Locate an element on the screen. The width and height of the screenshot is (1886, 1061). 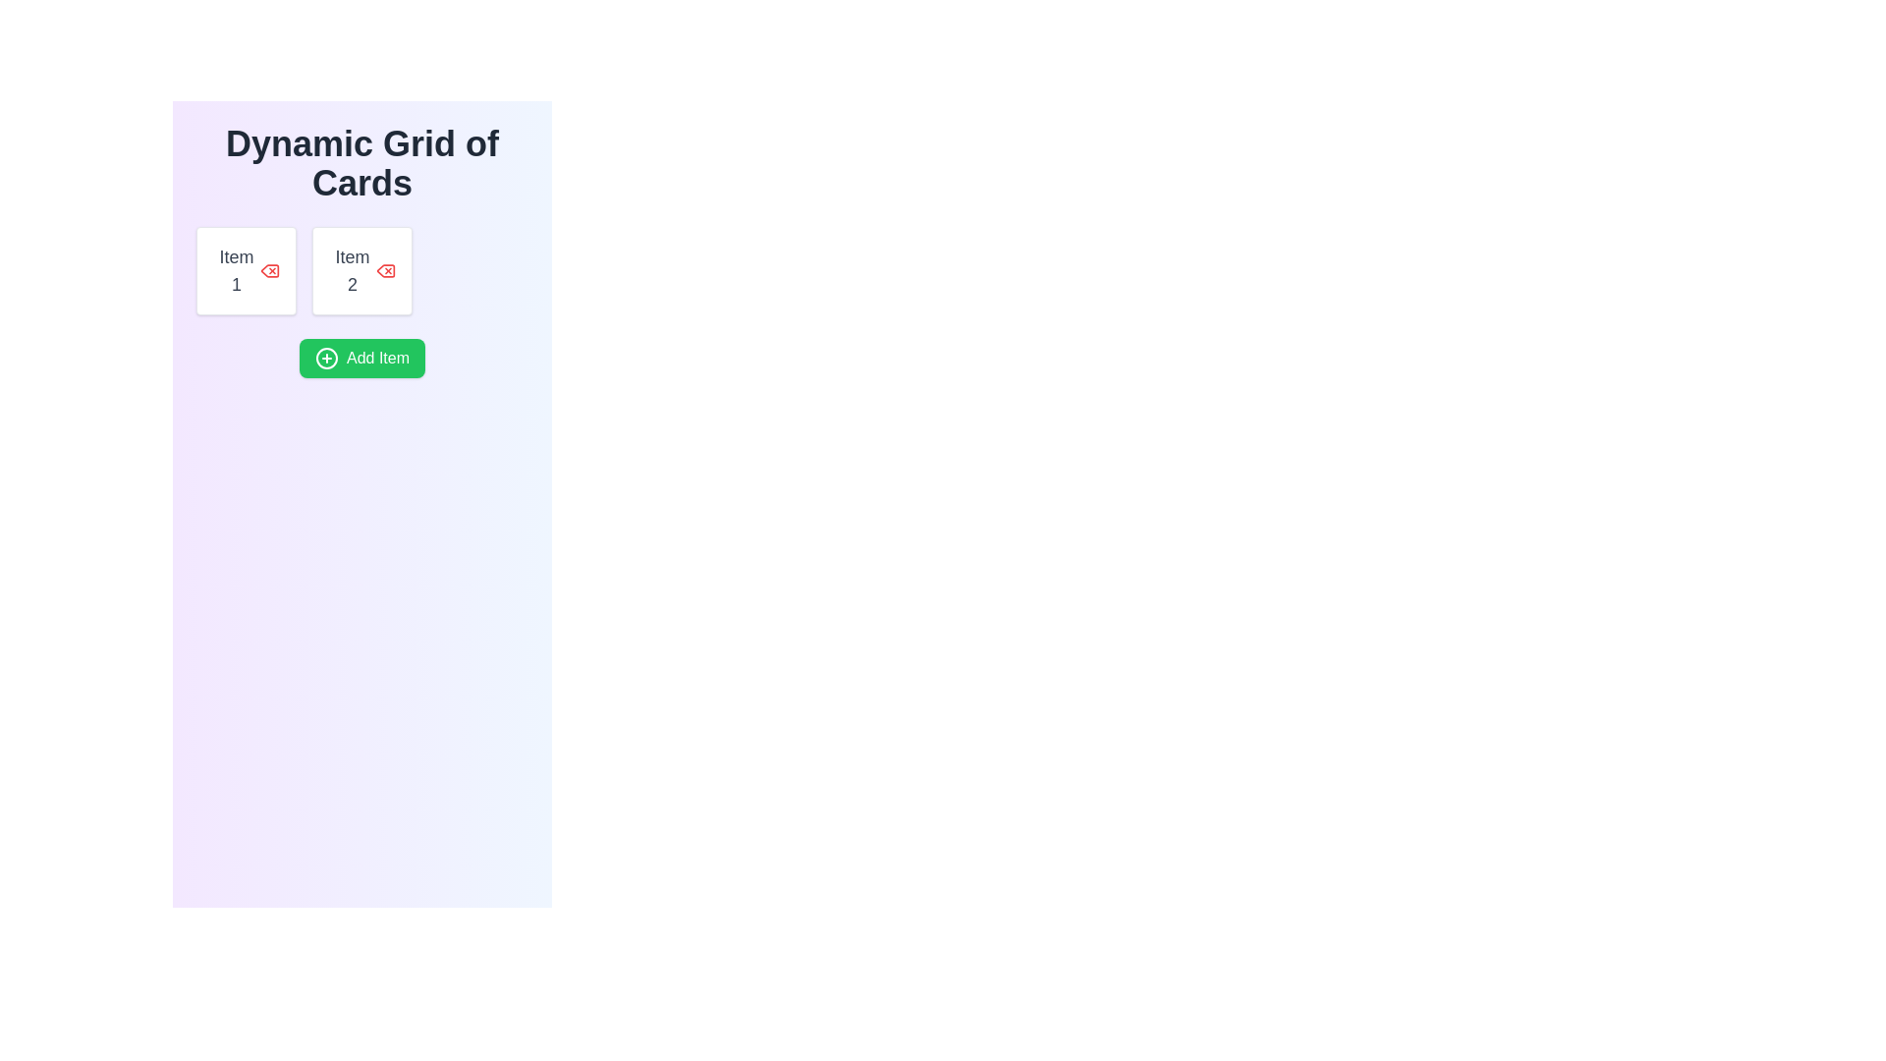
the deletion icon located at the top-right corner of the 'Item 2' card, which visually indicates an action related to deletion or removal is located at coordinates (386, 271).